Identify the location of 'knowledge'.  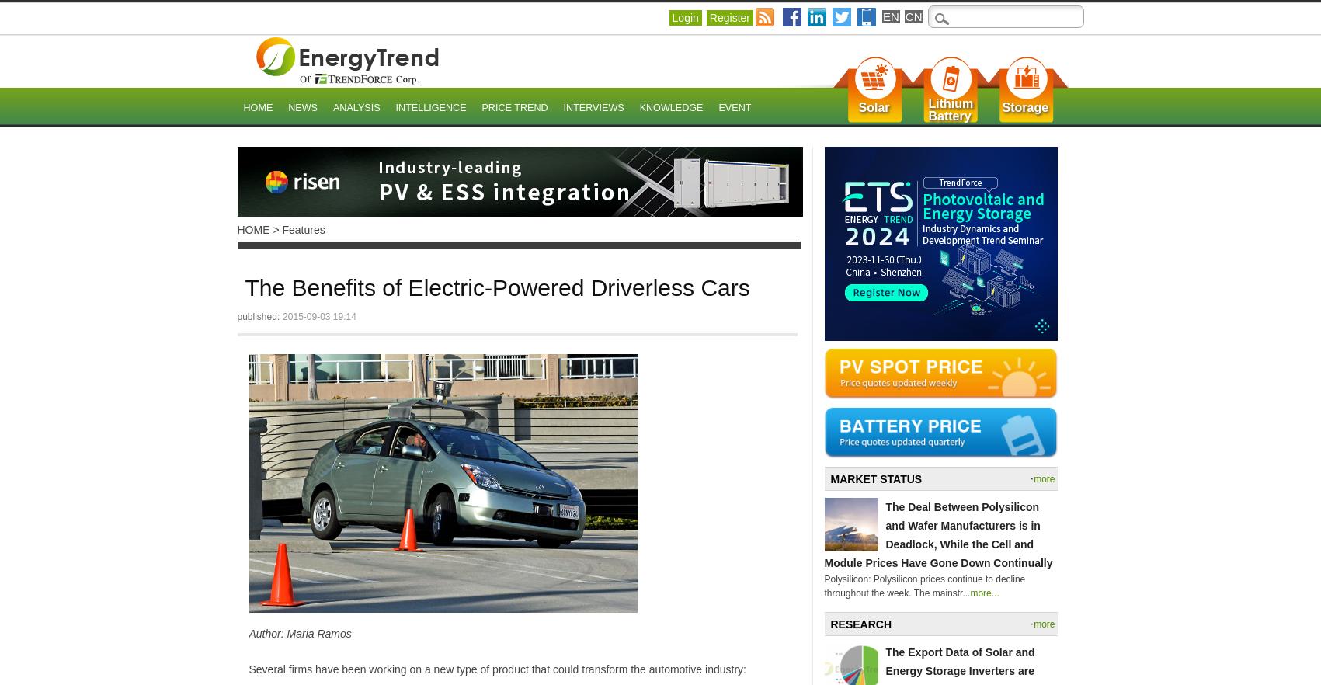
(669, 108).